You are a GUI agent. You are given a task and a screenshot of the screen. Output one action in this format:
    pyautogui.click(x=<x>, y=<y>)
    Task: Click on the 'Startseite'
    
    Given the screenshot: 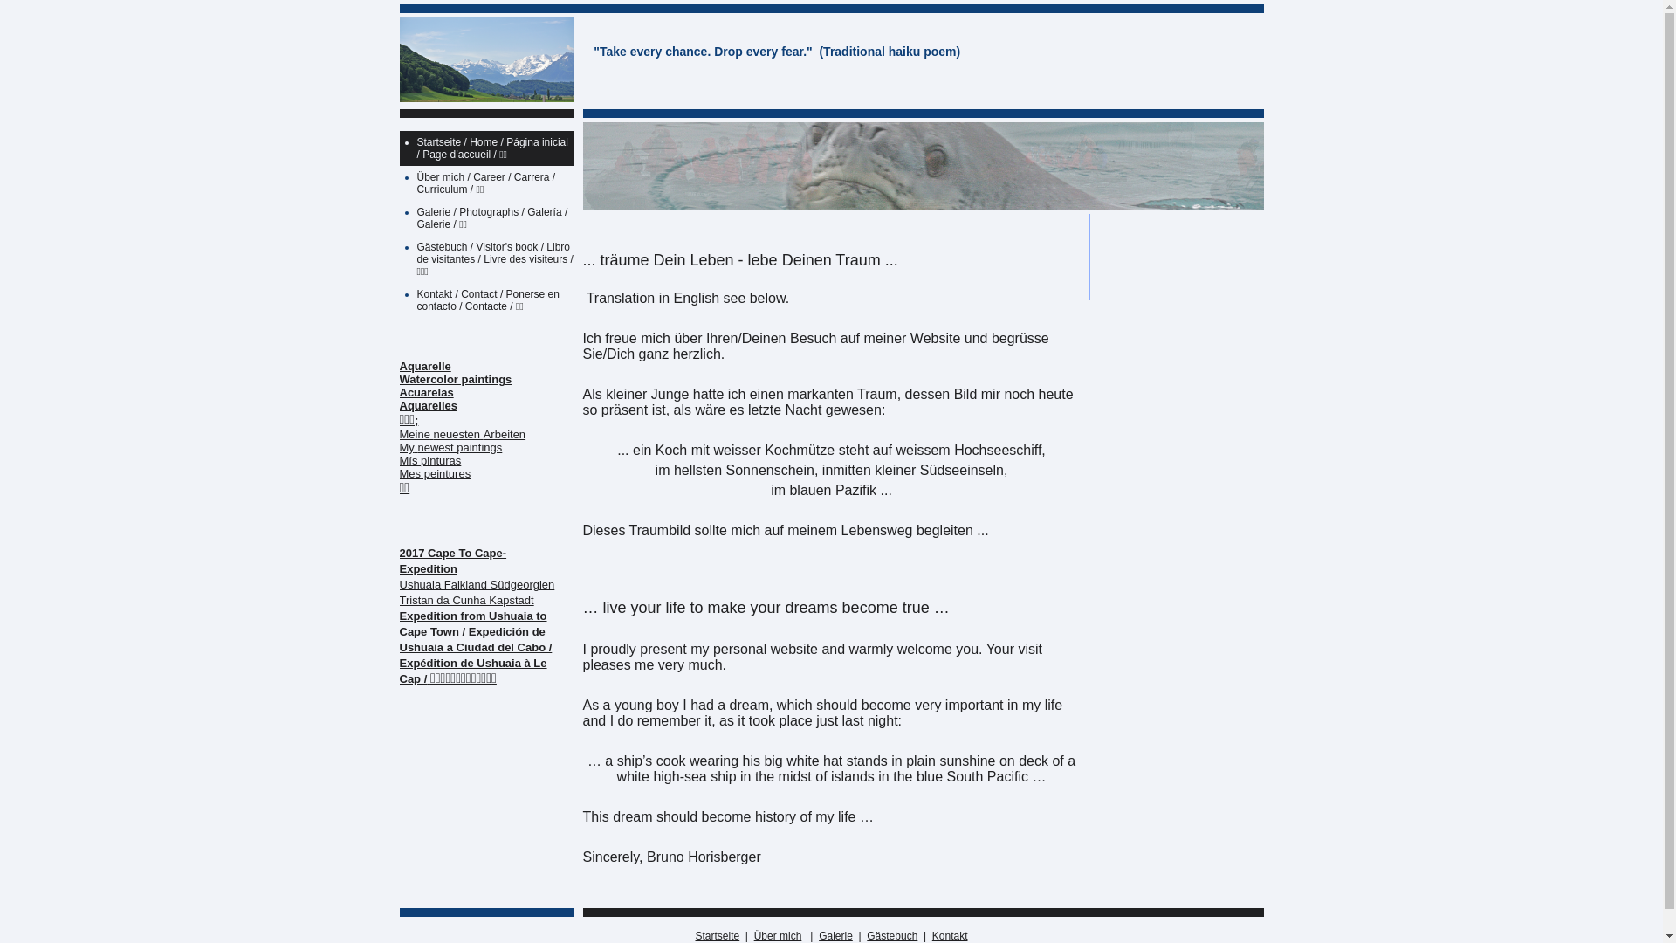 What is the action you would take?
    pyautogui.click(x=717, y=935)
    